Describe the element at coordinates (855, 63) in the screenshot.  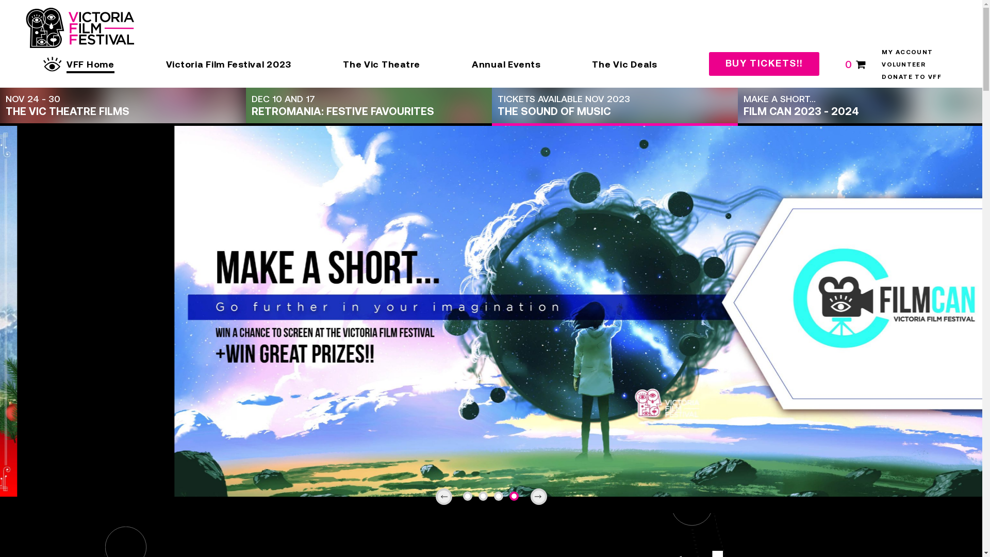
I see `'0'` at that location.